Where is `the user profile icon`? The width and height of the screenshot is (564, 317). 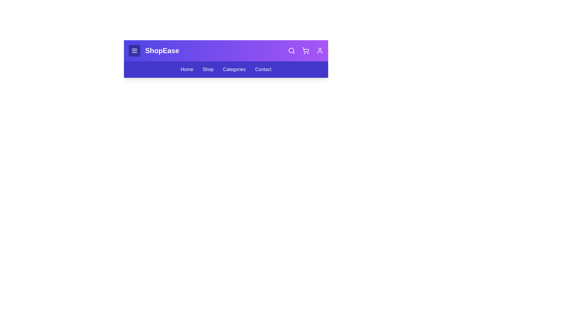 the user profile icon is located at coordinates (320, 50).